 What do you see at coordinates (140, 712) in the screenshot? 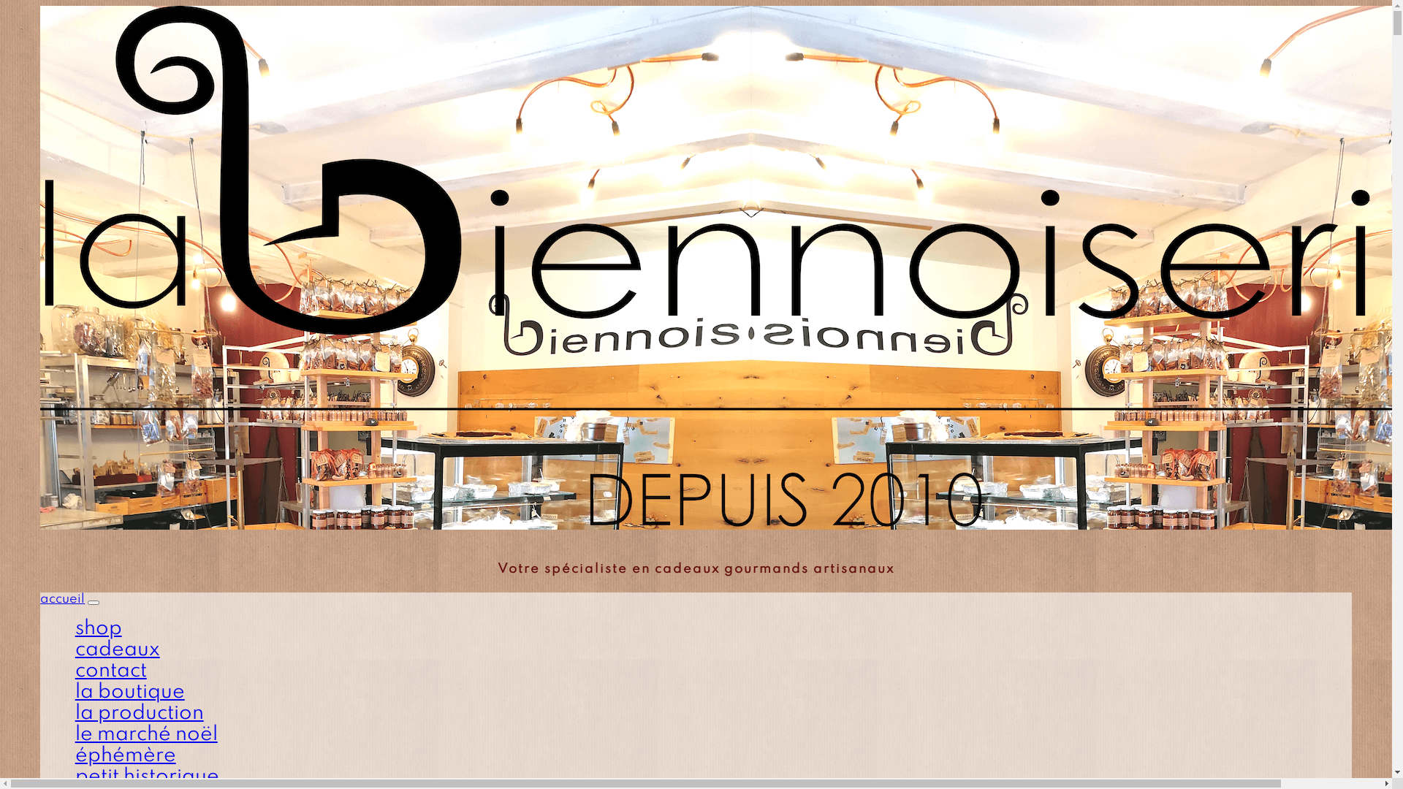
I see `'la production'` at bounding box center [140, 712].